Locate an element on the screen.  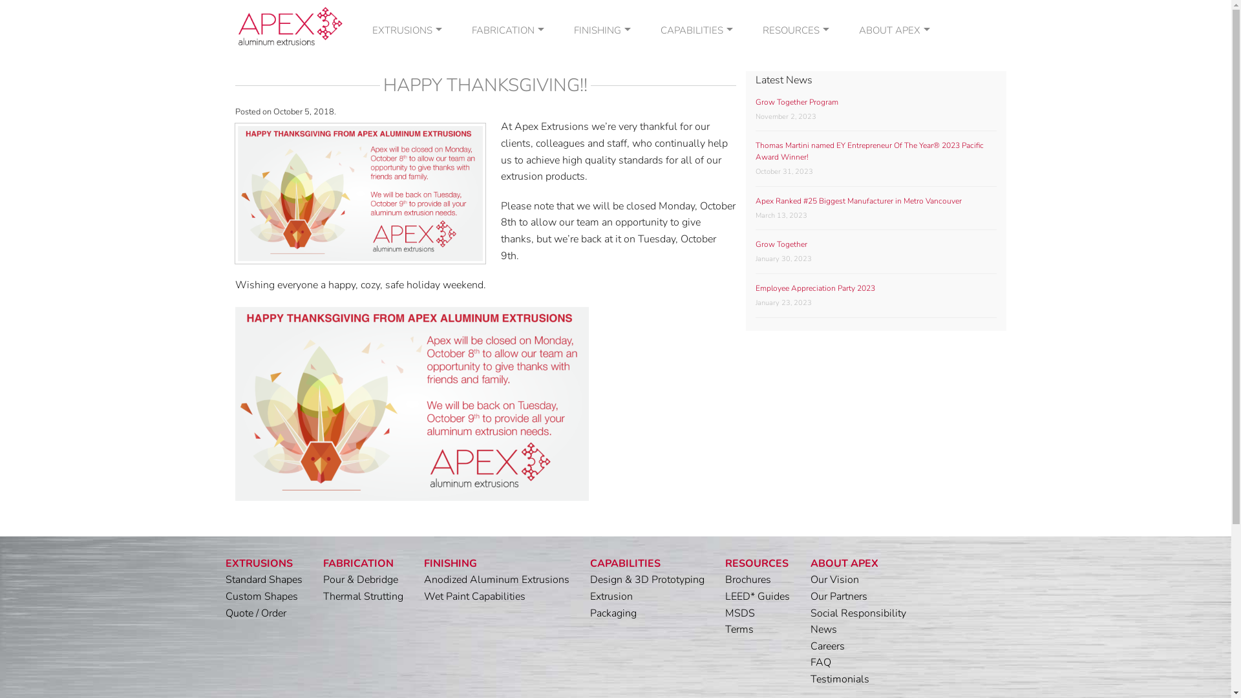
'Social Responsibility' is located at coordinates (809, 612).